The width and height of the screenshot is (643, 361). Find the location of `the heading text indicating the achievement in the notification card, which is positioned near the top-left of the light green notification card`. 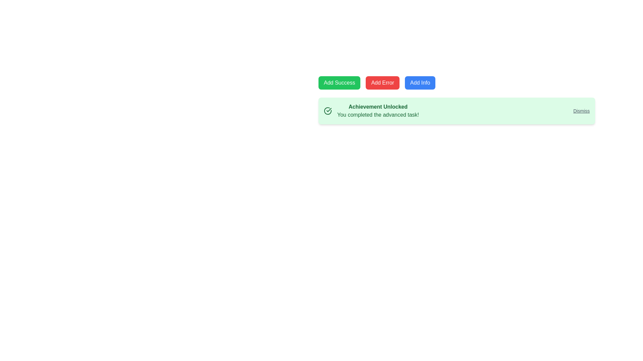

the heading text indicating the achievement in the notification card, which is positioned near the top-left of the light green notification card is located at coordinates (378, 107).